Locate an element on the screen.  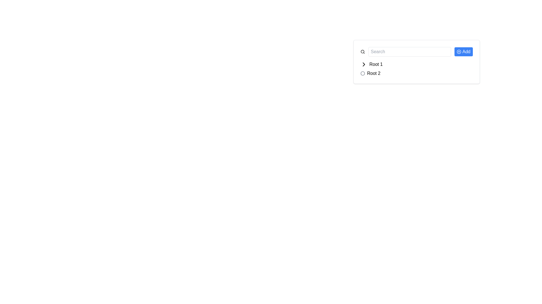
the second list item in the vertical group layout, which is positioned directly below the 'Root 1' item is located at coordinates (416, 73).